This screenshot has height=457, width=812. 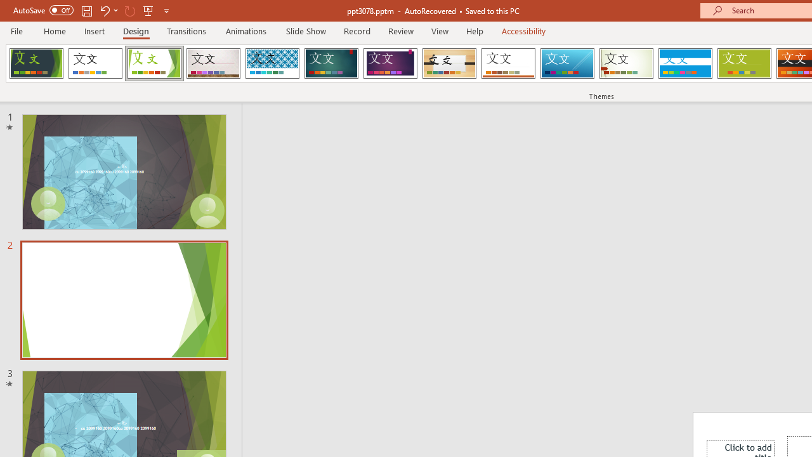 I want to click on 'Banded', so click(x=684, y=63).